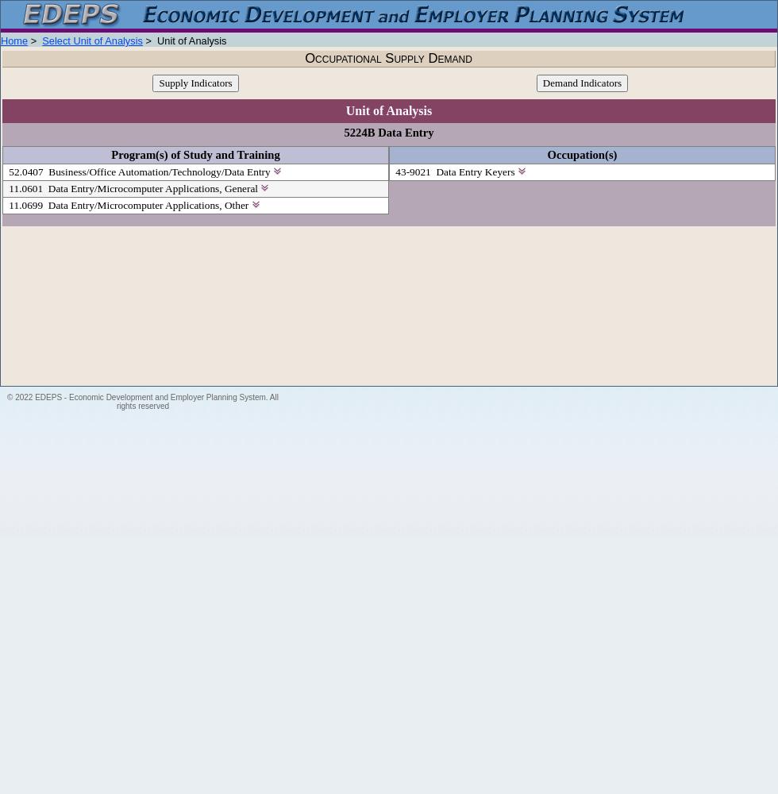  I want to click on 'Occupation(s)', so click(582, 154).